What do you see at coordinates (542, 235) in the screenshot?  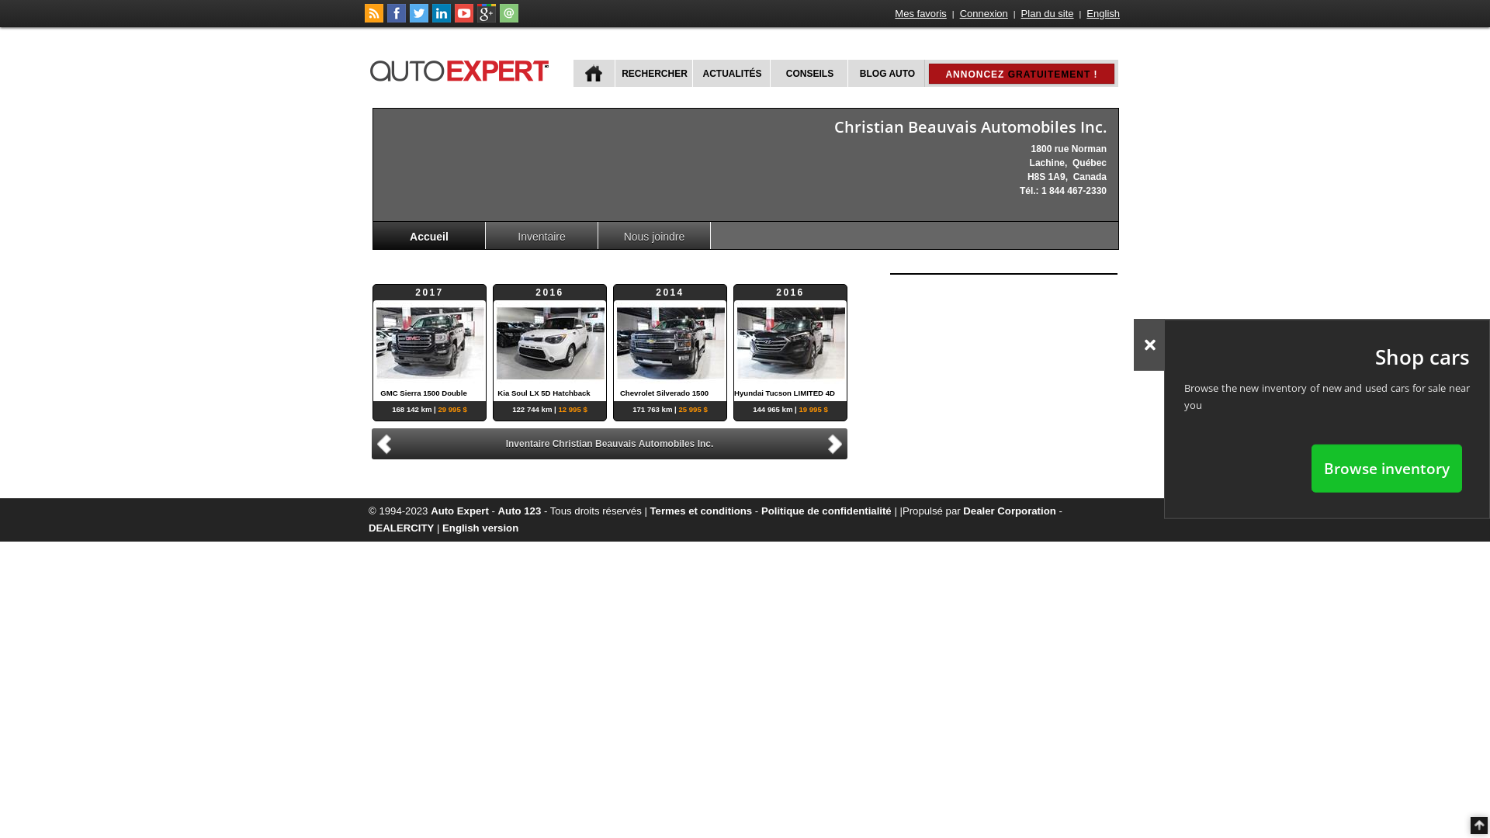 I see `'Inventaire'` at bounding box center [542, 235].